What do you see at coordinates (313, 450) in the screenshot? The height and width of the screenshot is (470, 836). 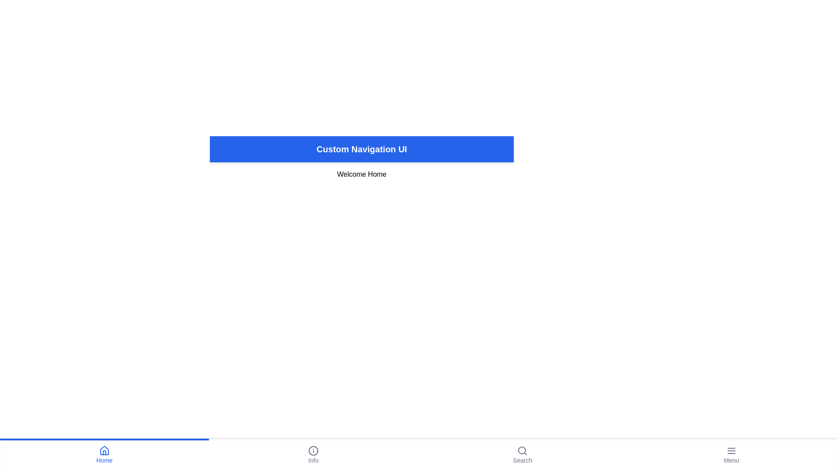 I see `the central navigational button labeled 'Info' in the bottom navigation bar` at bounding box center [313, 450].